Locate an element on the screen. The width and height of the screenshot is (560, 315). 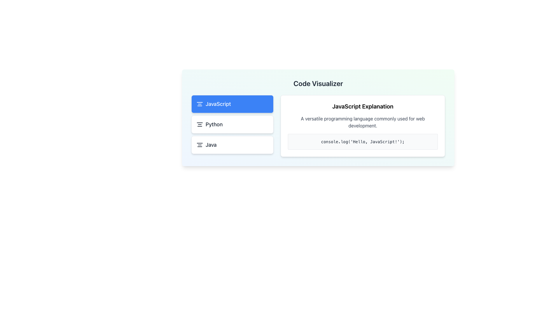
the code block that showcases the use of `console.log` in JavaScript, located under the title 'JavaScript Explanation' is located at coordinates (362, 142).